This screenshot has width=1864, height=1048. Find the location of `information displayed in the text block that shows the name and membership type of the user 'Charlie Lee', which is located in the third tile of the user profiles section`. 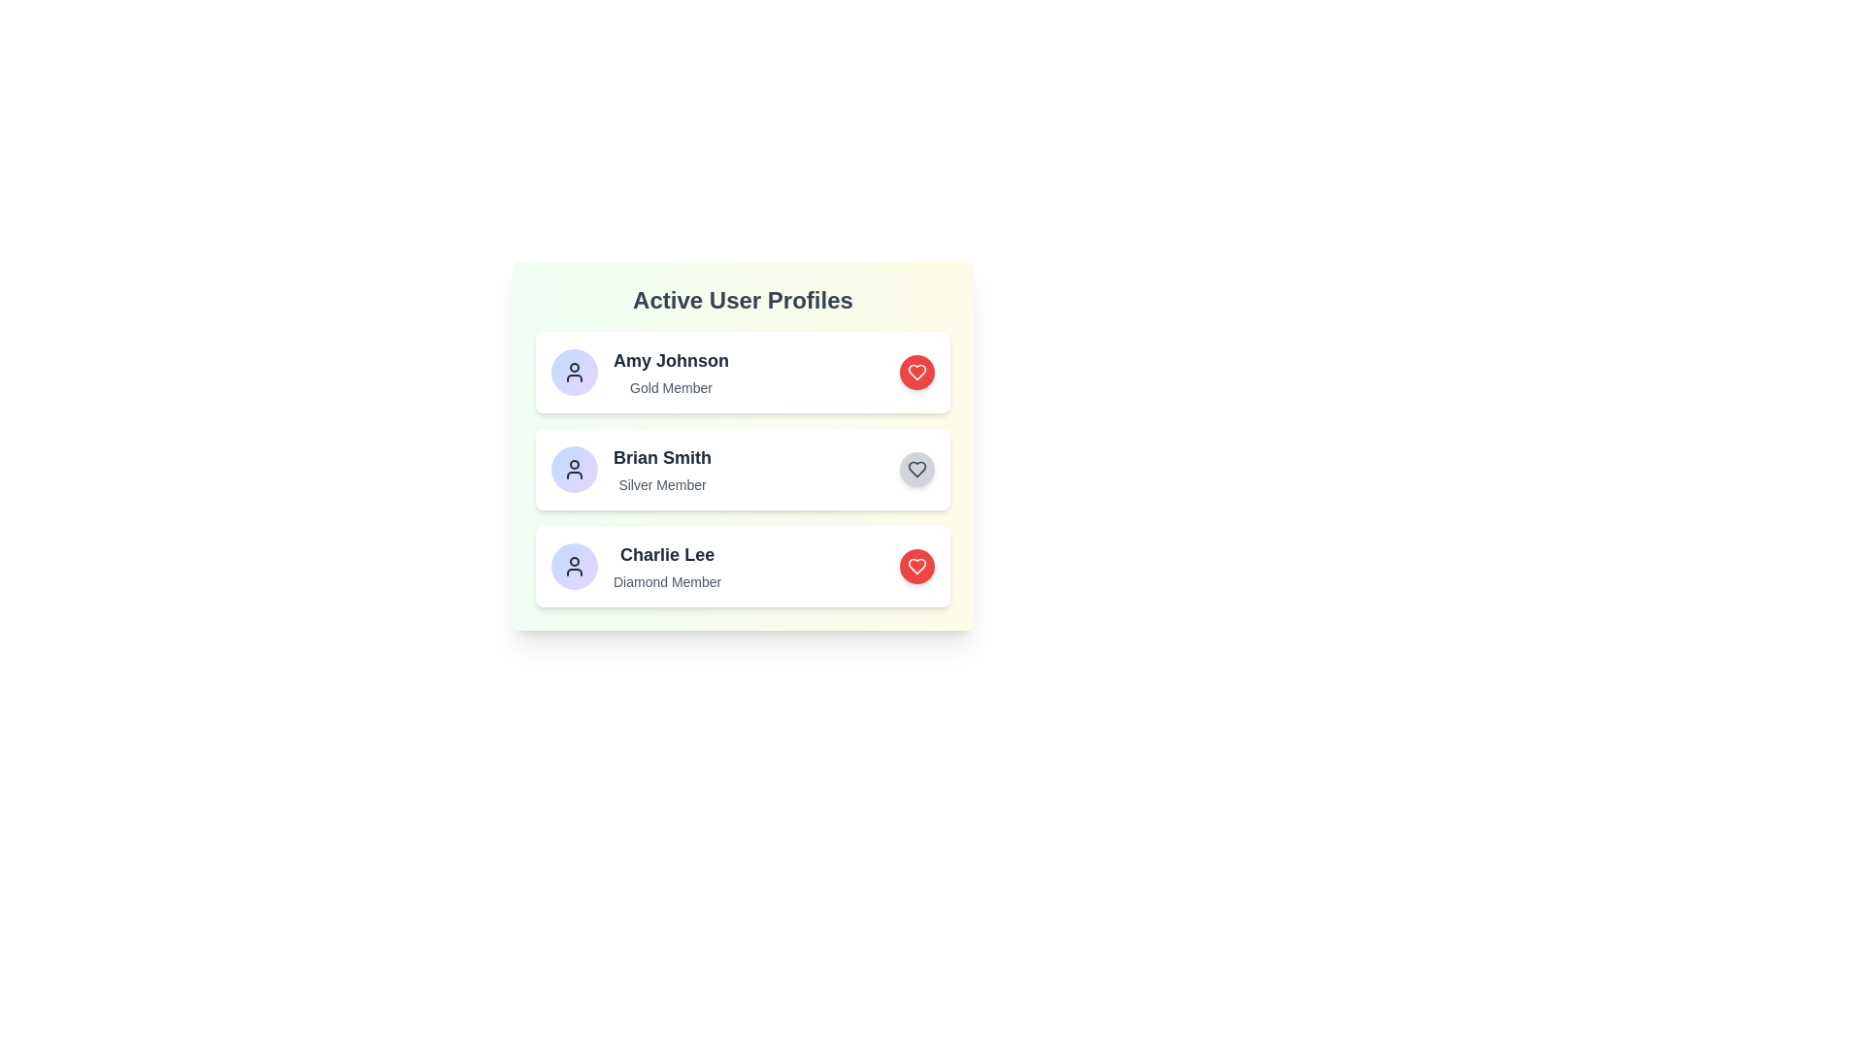

information displayed in the text block that shows the name and membership type of the user 'Charlie Lee', which is located in the third tile of the user profiles section is located at coordinates (667, 566).